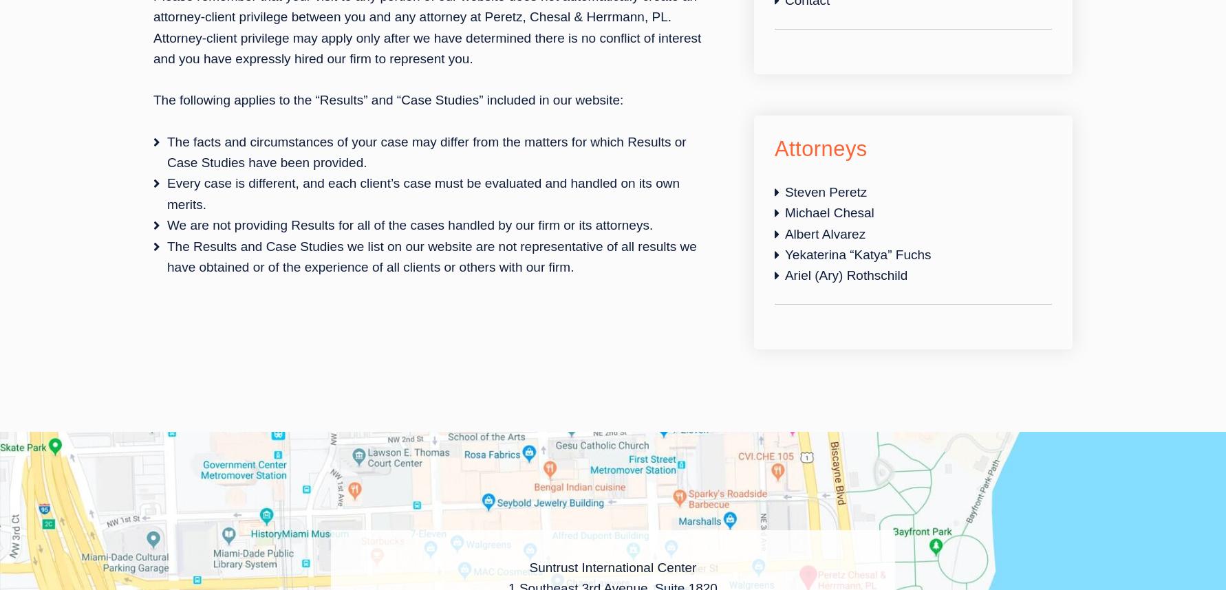 Image resolution: width=1226 pixels, height=590 pixels. I want to click on 'Albert Alvarez', so click(784, 232).